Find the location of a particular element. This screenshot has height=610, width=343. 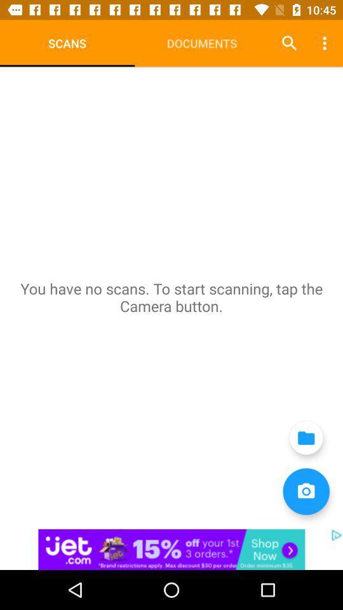

the photo icon is located at coordinates (306, 491).